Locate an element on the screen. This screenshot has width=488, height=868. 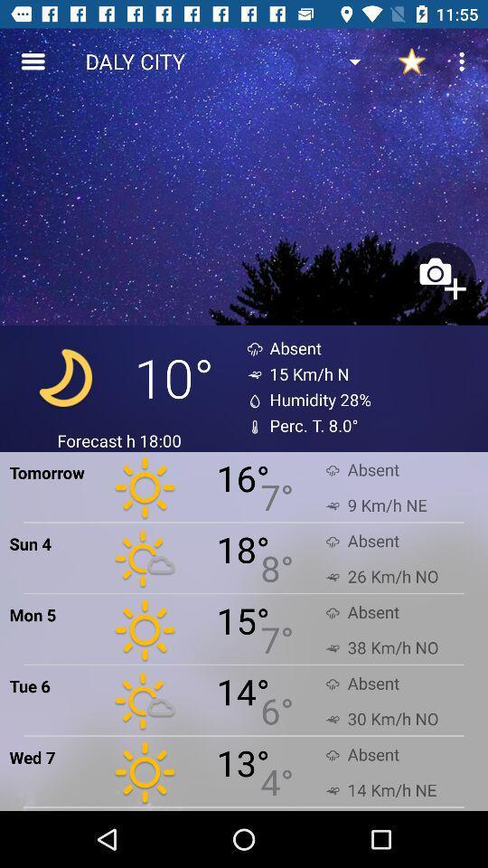
allows you to add photo is located at coordinates (439, 278).